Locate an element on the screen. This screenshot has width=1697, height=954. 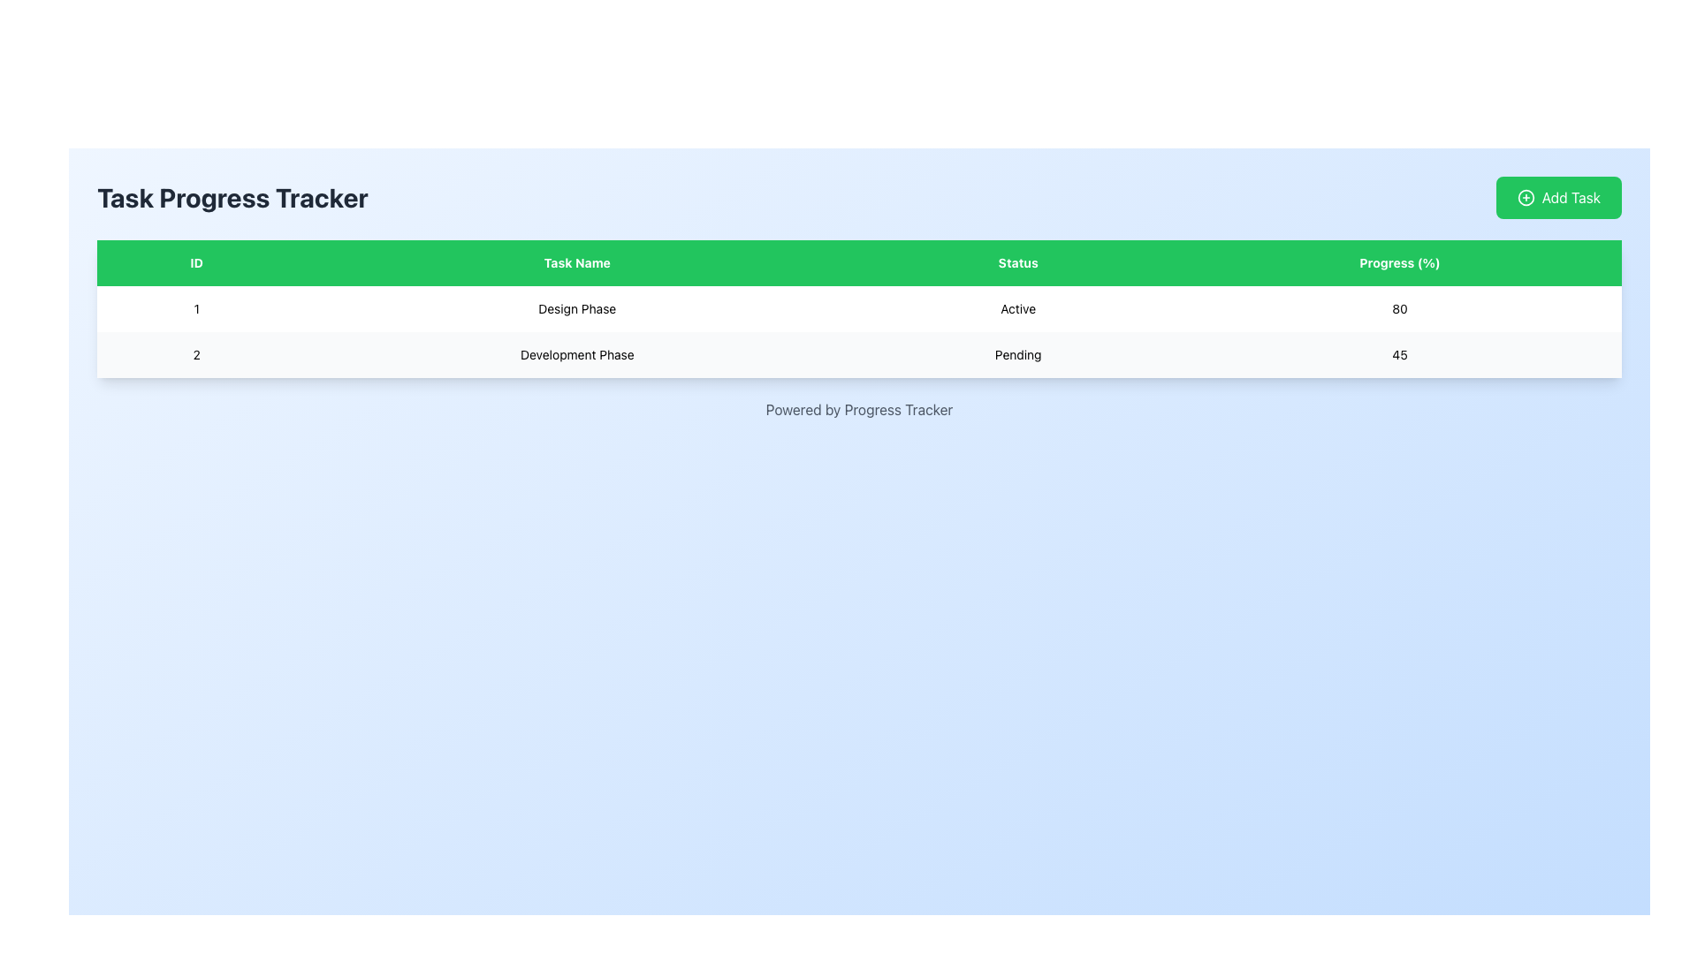
status text from the label indicating the task is 'Active', located in the third cell of the first data row in the 'Status' column is located at coordinates (1018, 308).